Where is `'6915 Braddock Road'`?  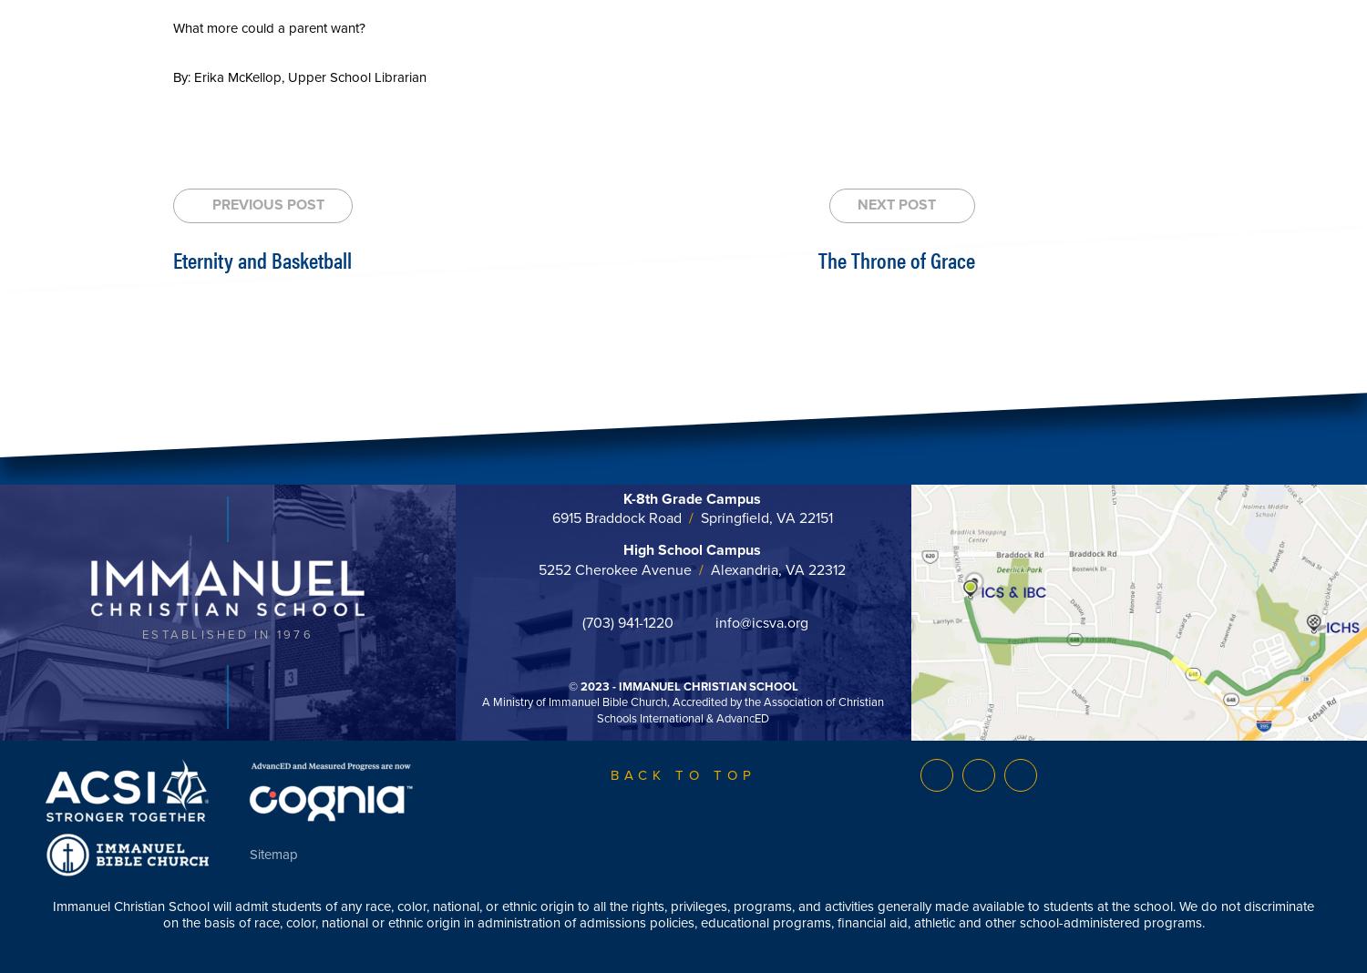 '6915 Braddock Road' is located at coordinates (618, 517).